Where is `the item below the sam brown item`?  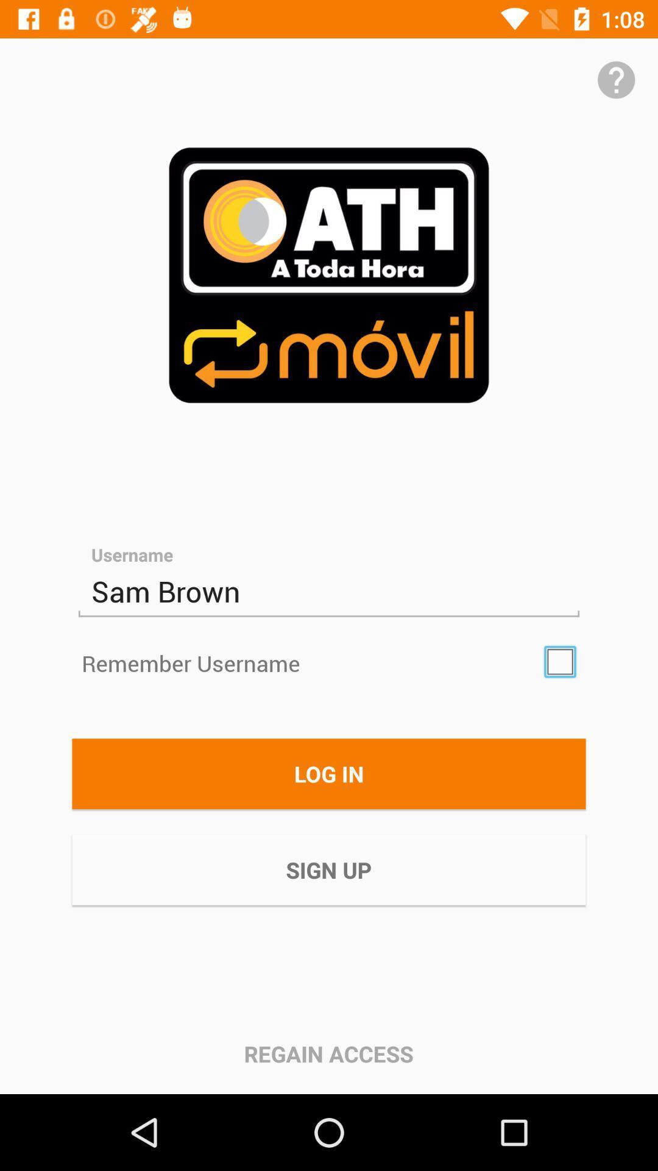 the item below the sam brown item is located at coordinates (560, 661).